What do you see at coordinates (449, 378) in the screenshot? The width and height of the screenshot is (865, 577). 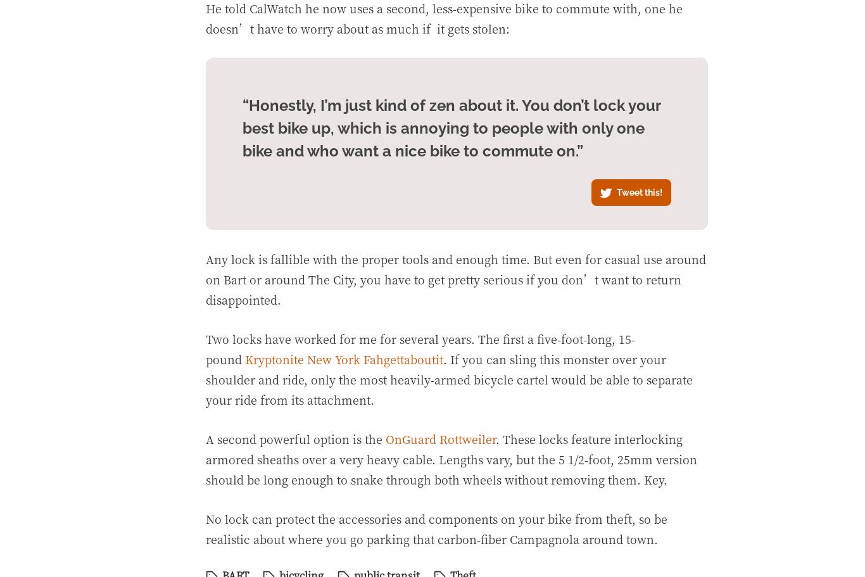 I see `'. If you can sling this monster over your shoulder and ride, only the most heavily-armed bicycle cartel would be able to separate your ride from its attachment.'` at bounding box center [449, 378].